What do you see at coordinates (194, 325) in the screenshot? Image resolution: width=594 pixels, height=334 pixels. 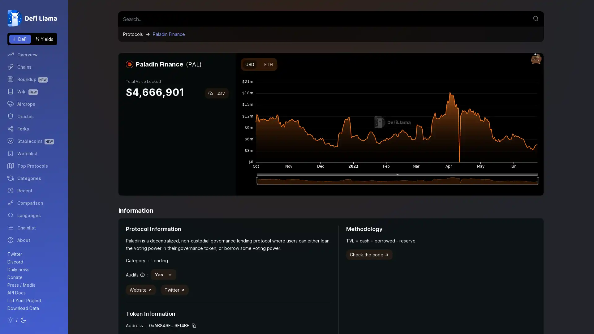 I see `Copy` at bounding box center [194, 325].